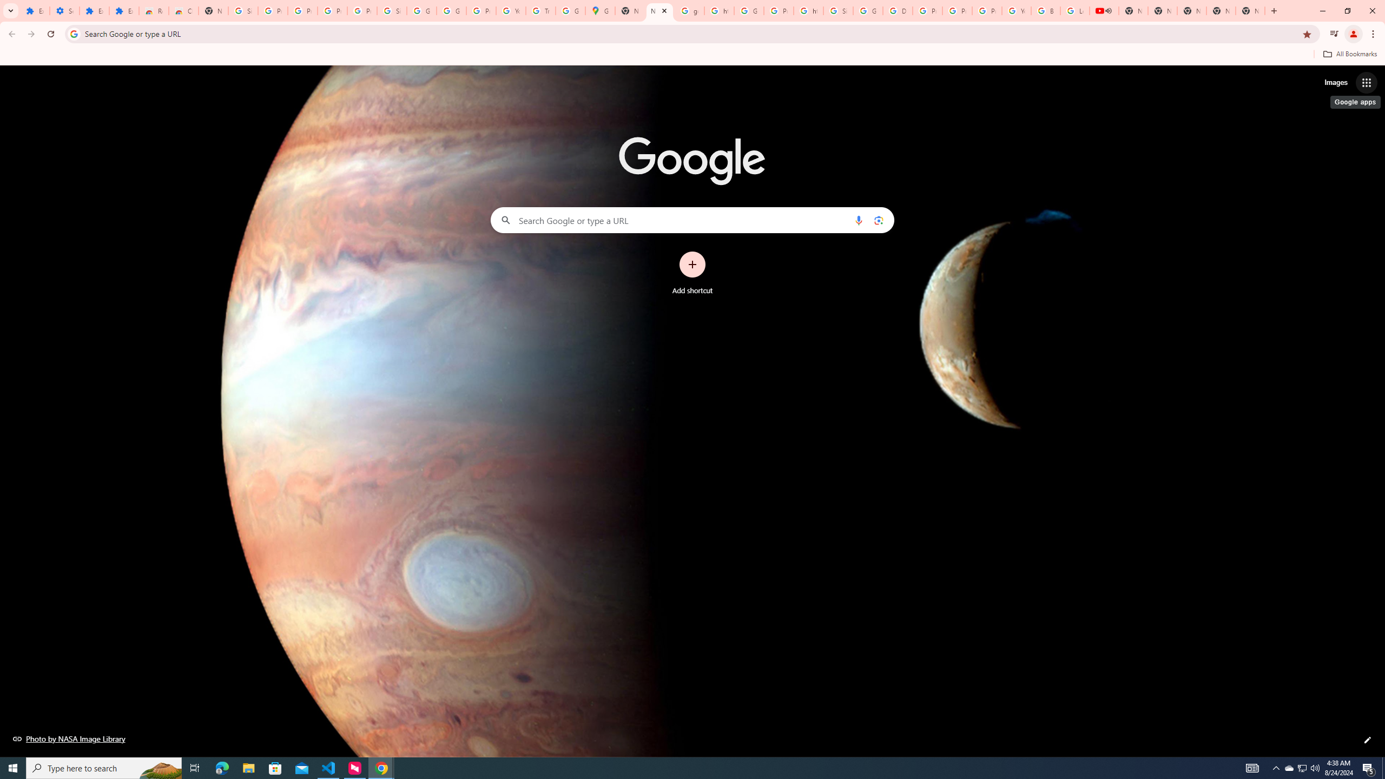 The width and height of the screenshot is (1385, 779). Describe the element at coordinates (1347, 10) in the screenshot. I see `'Restore'` at that location.